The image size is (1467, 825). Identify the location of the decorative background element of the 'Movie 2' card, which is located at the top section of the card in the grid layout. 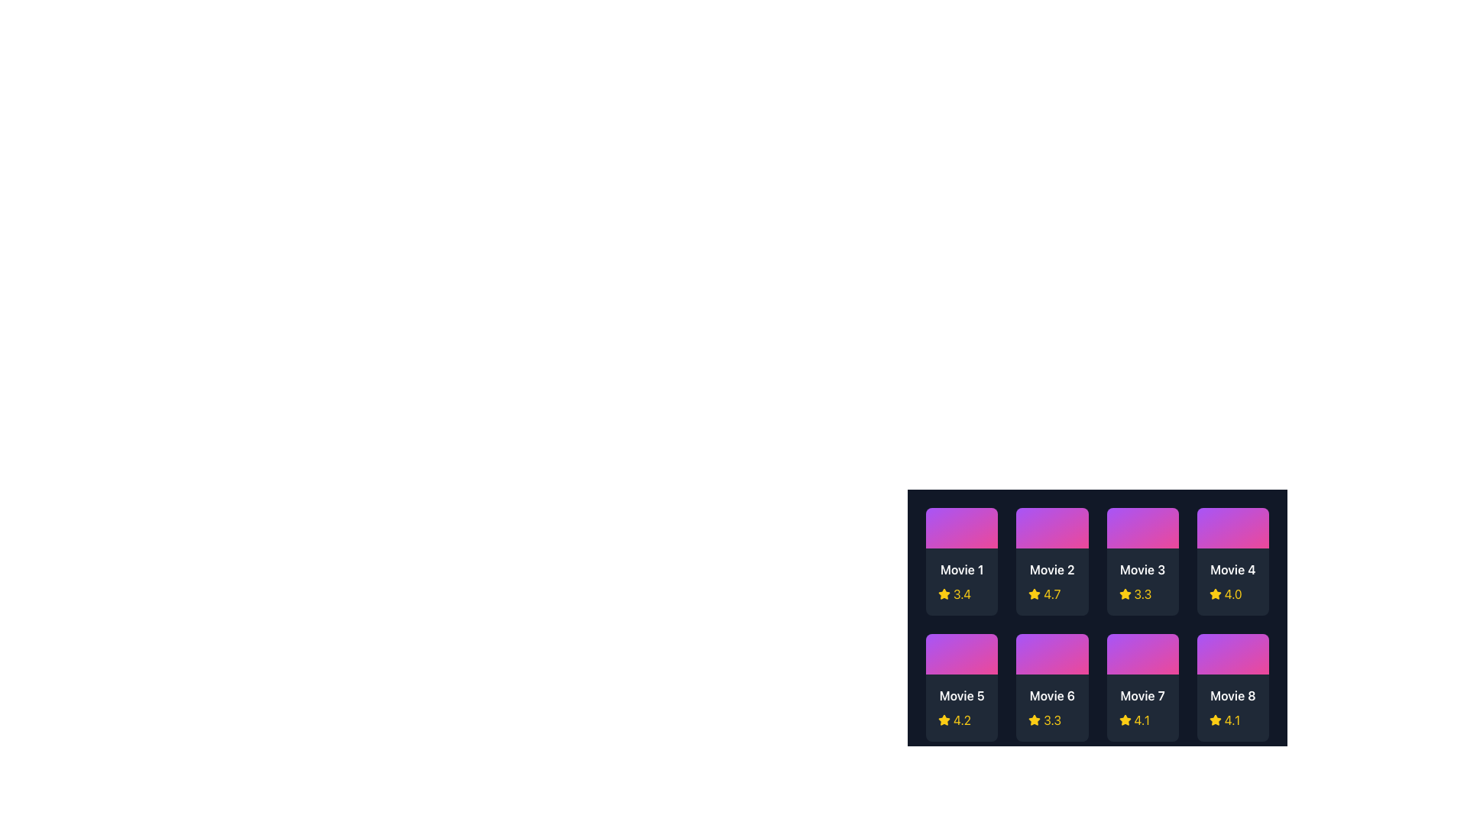
(1051, 527).